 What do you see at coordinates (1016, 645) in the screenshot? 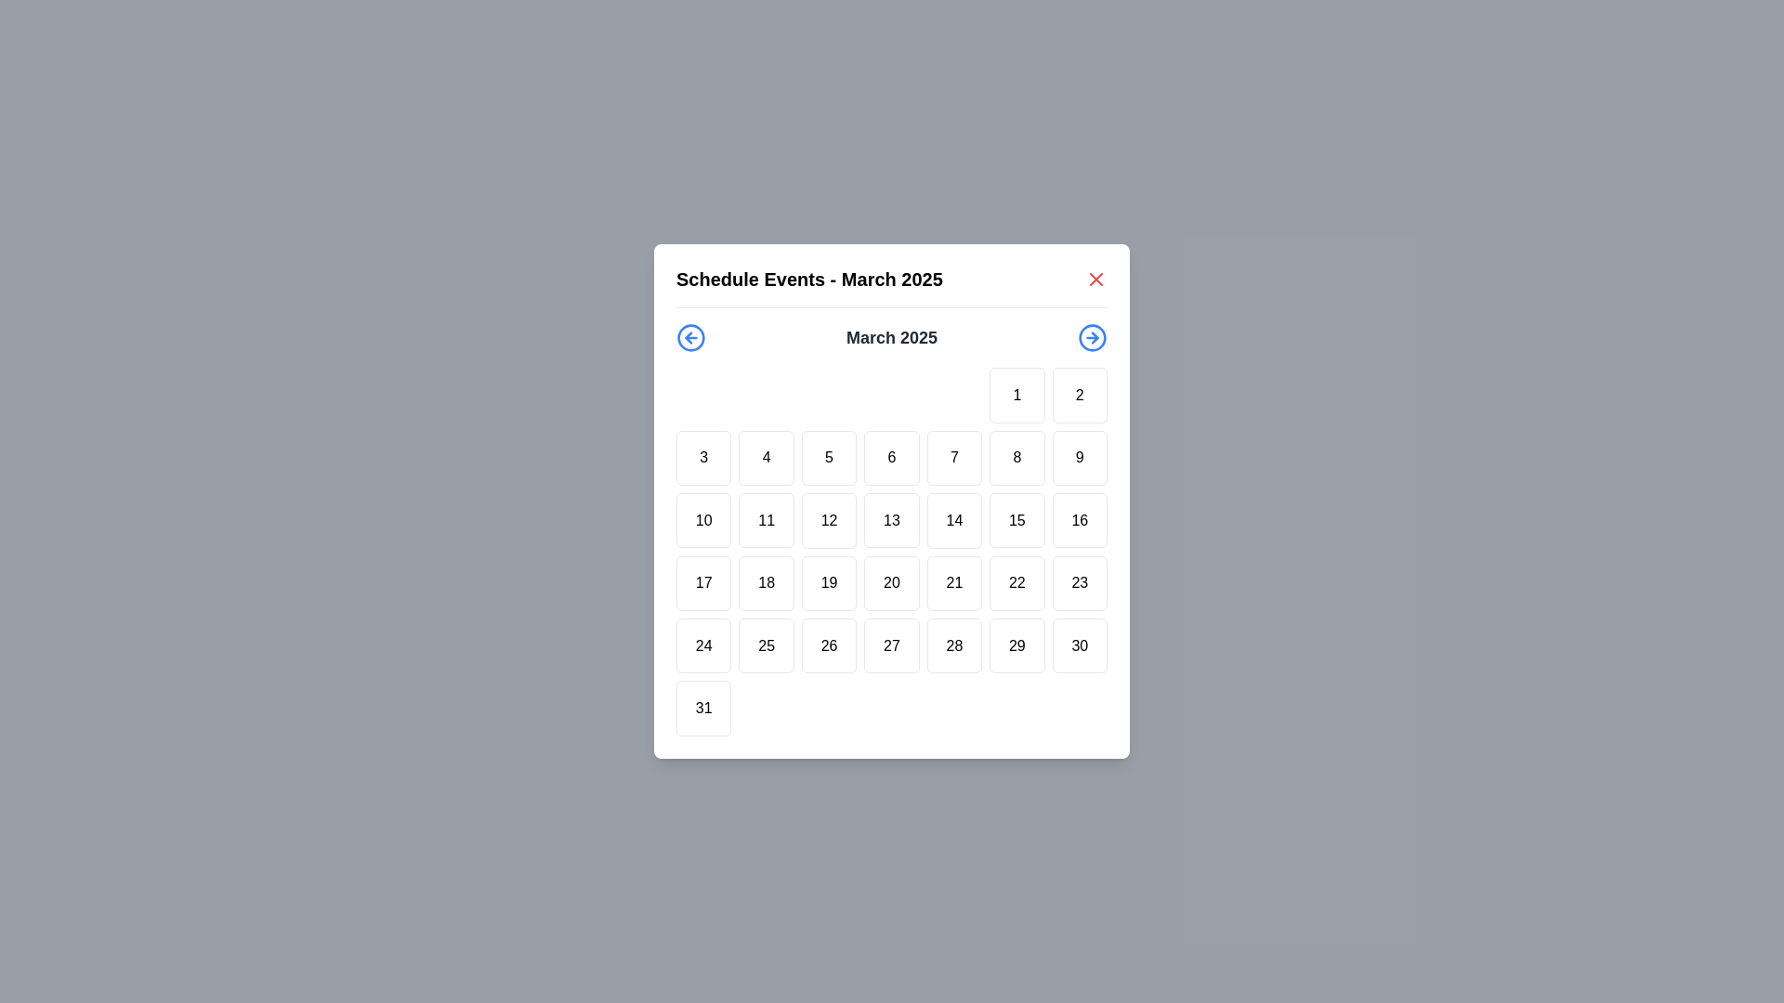
I see `the square-shaped button with the number '29' in a bold font, located in the last row, sixth column of the March 2025 calendar grid, to observe the hover effect` at bounding box center [1016, 645].